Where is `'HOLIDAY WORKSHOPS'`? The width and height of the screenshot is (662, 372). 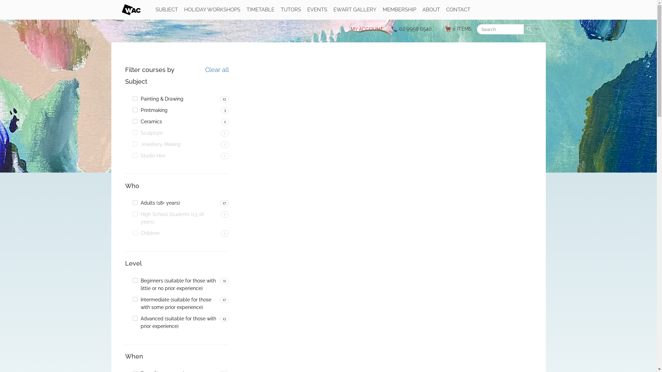
'HOLIDAY WORKSHOPS' is located at coordinates (212, 9).